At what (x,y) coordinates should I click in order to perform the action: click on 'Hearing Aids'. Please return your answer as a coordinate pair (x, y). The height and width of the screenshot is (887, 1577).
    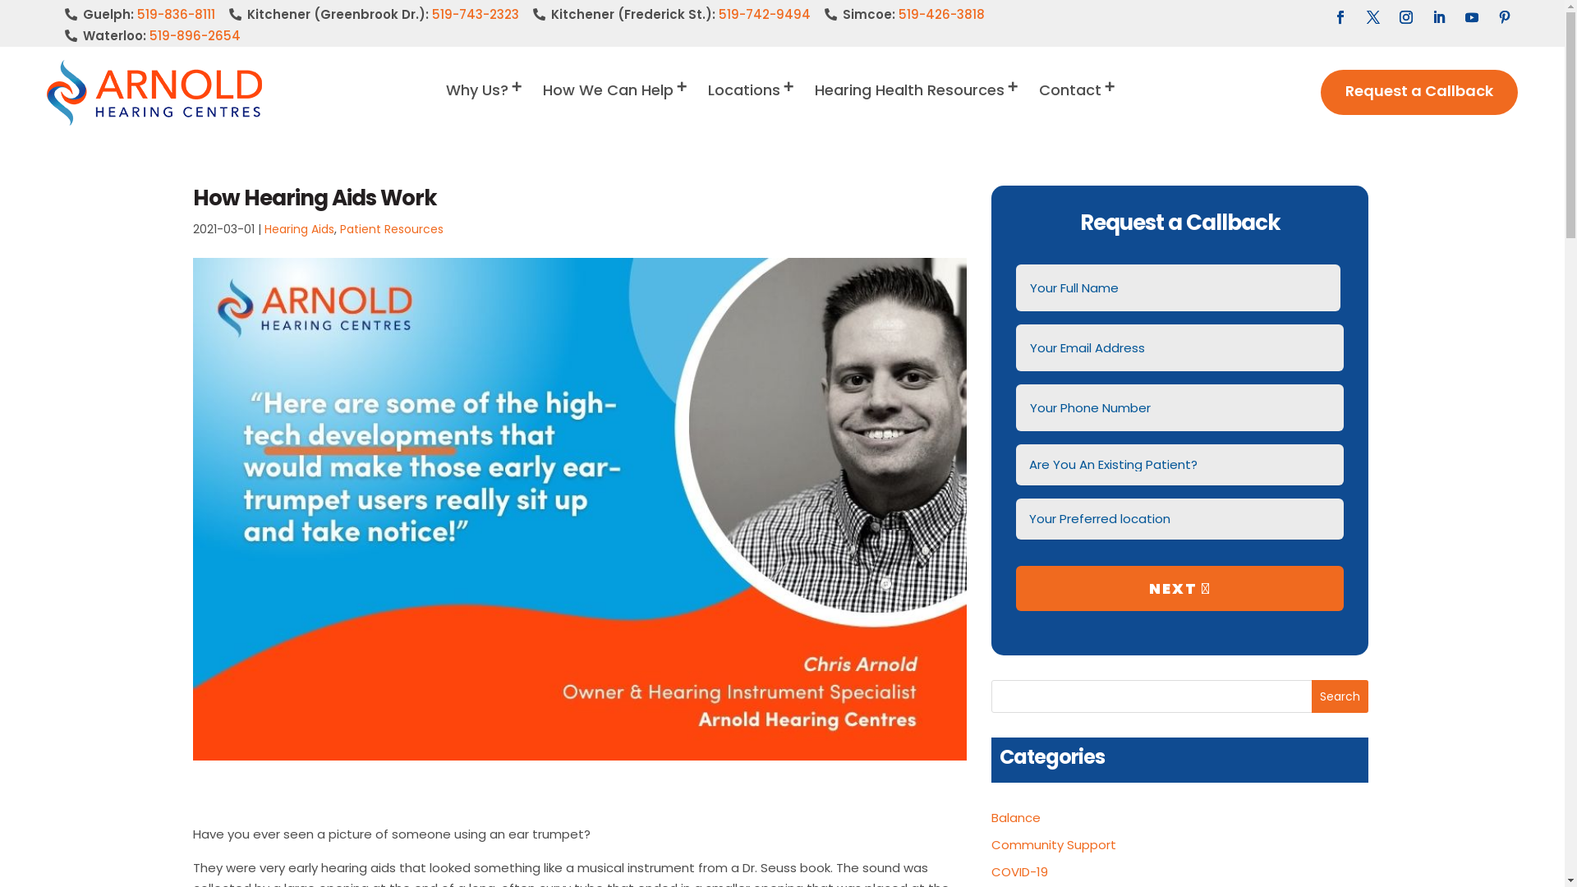
    Looking at the image, I should click on (299, 228).